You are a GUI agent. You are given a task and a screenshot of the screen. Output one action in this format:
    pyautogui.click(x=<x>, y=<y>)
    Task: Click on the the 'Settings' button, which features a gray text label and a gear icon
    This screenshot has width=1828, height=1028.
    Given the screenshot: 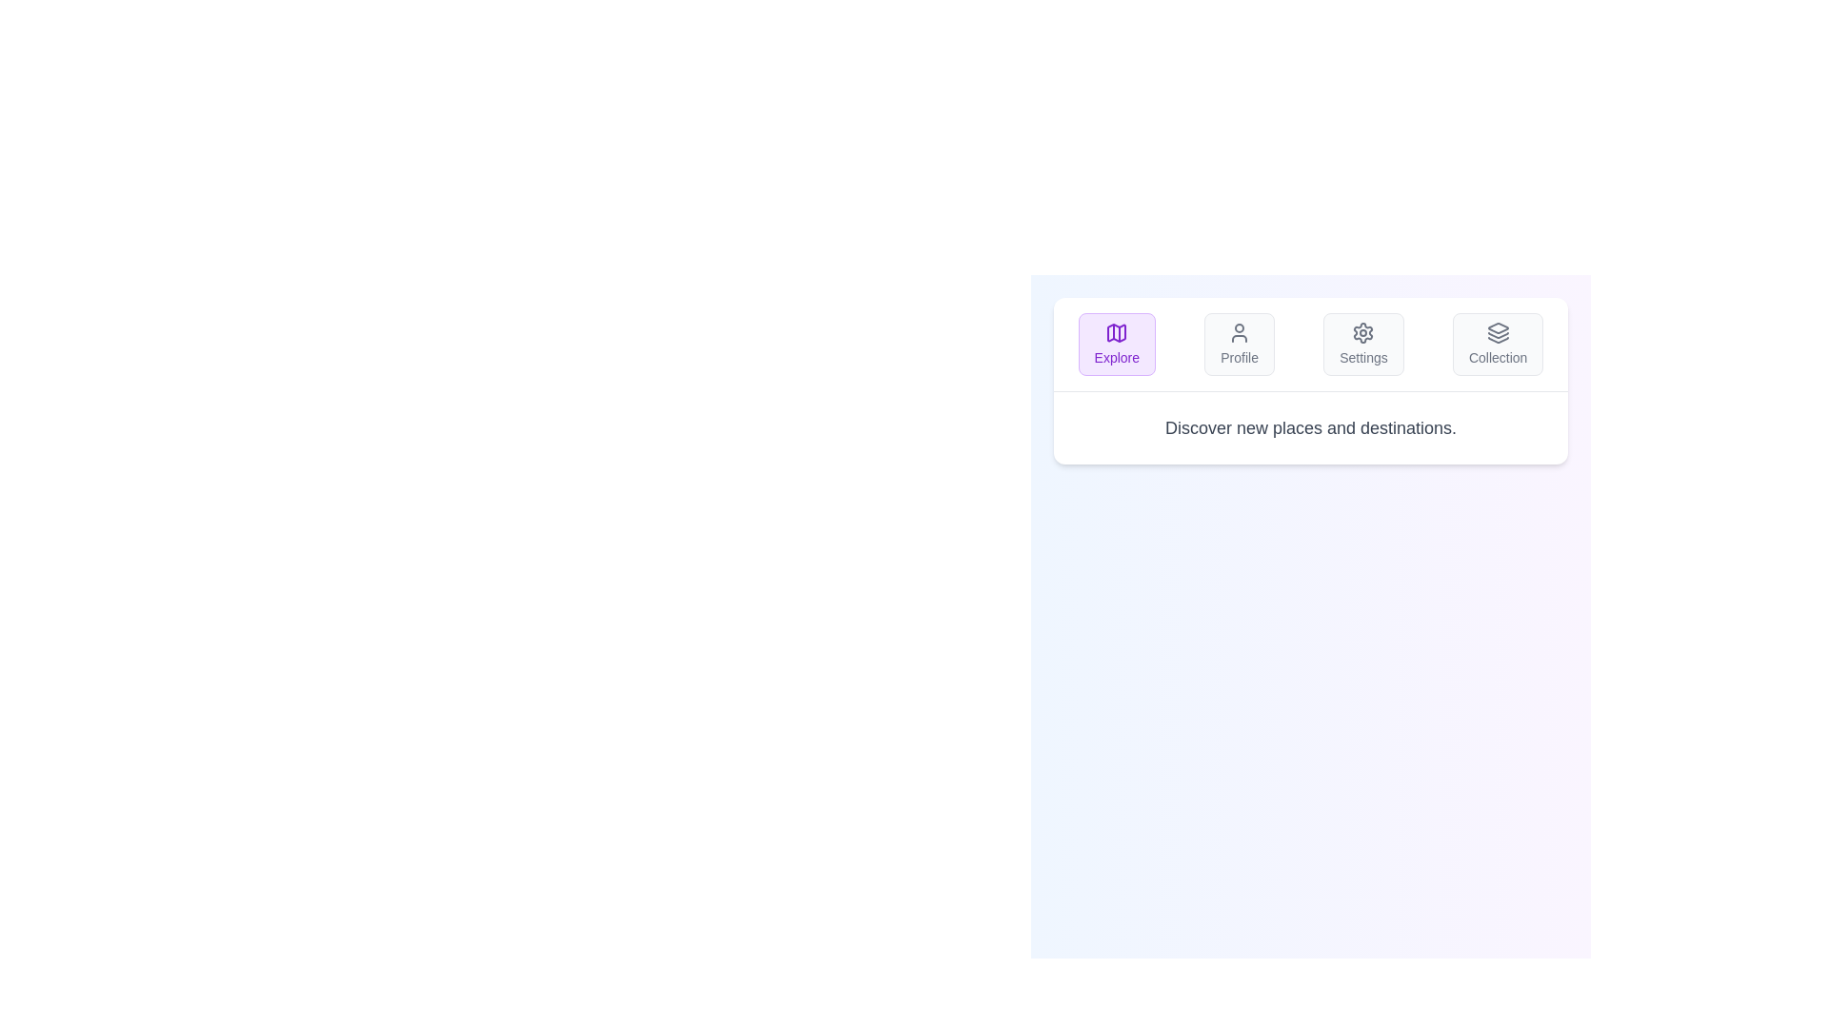 What is the action you would take?
    pyautogui.click(x=1361, y=357)
    